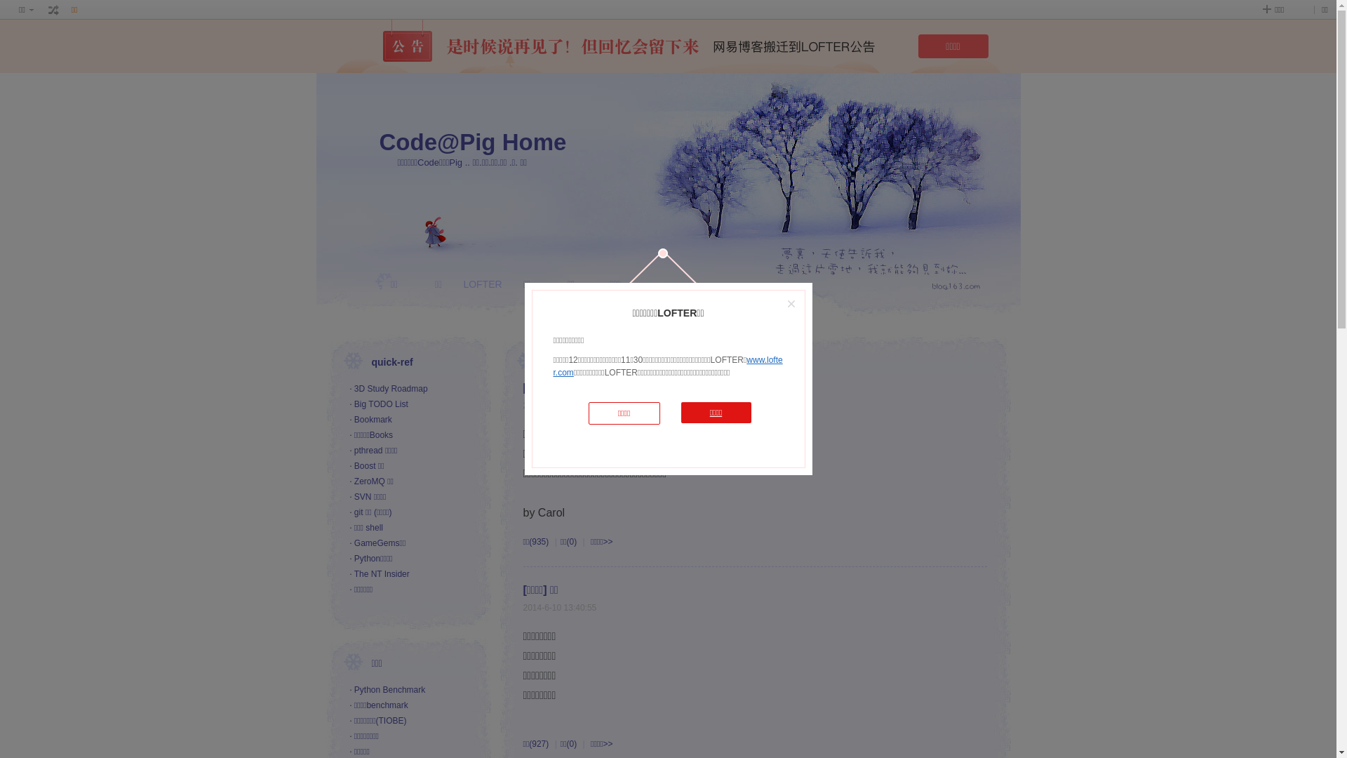 This screenshot has width=1347, height=758. I want to click on '3D Study Roadmap', so click(391, 389).